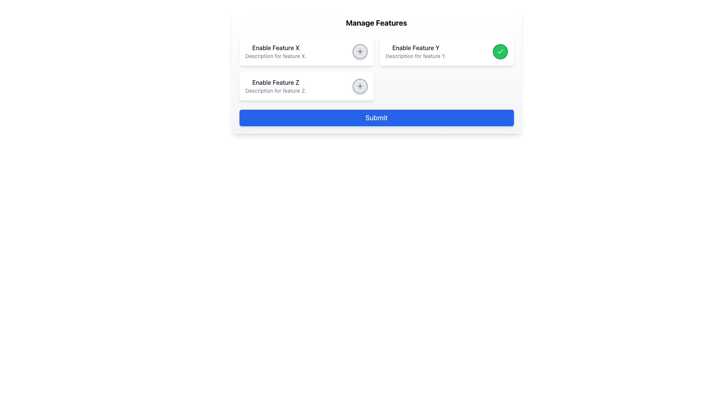 The image size is (724, 407). Describe the element at coordinates (275, 83) in the screenshot. I see `the 'Enable Feature Z' text label located in the 'Manage Features' section, which serves as a title for the associated feature` at that location.